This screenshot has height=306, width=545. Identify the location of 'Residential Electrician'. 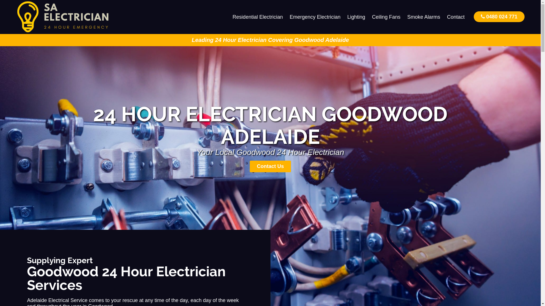
(257, 17).